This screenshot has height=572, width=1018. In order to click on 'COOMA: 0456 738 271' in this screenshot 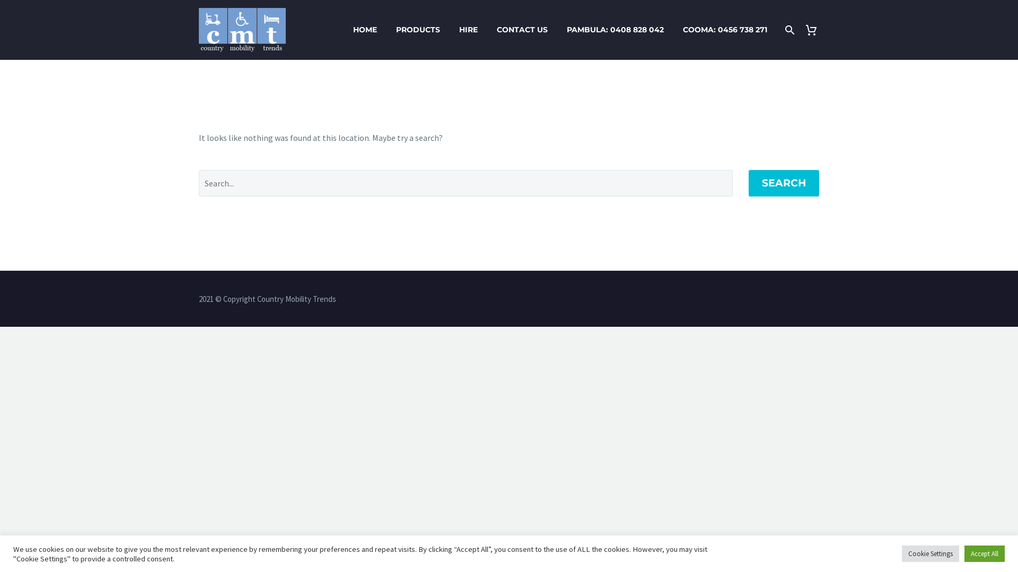, I will do `click(724, 29)`.